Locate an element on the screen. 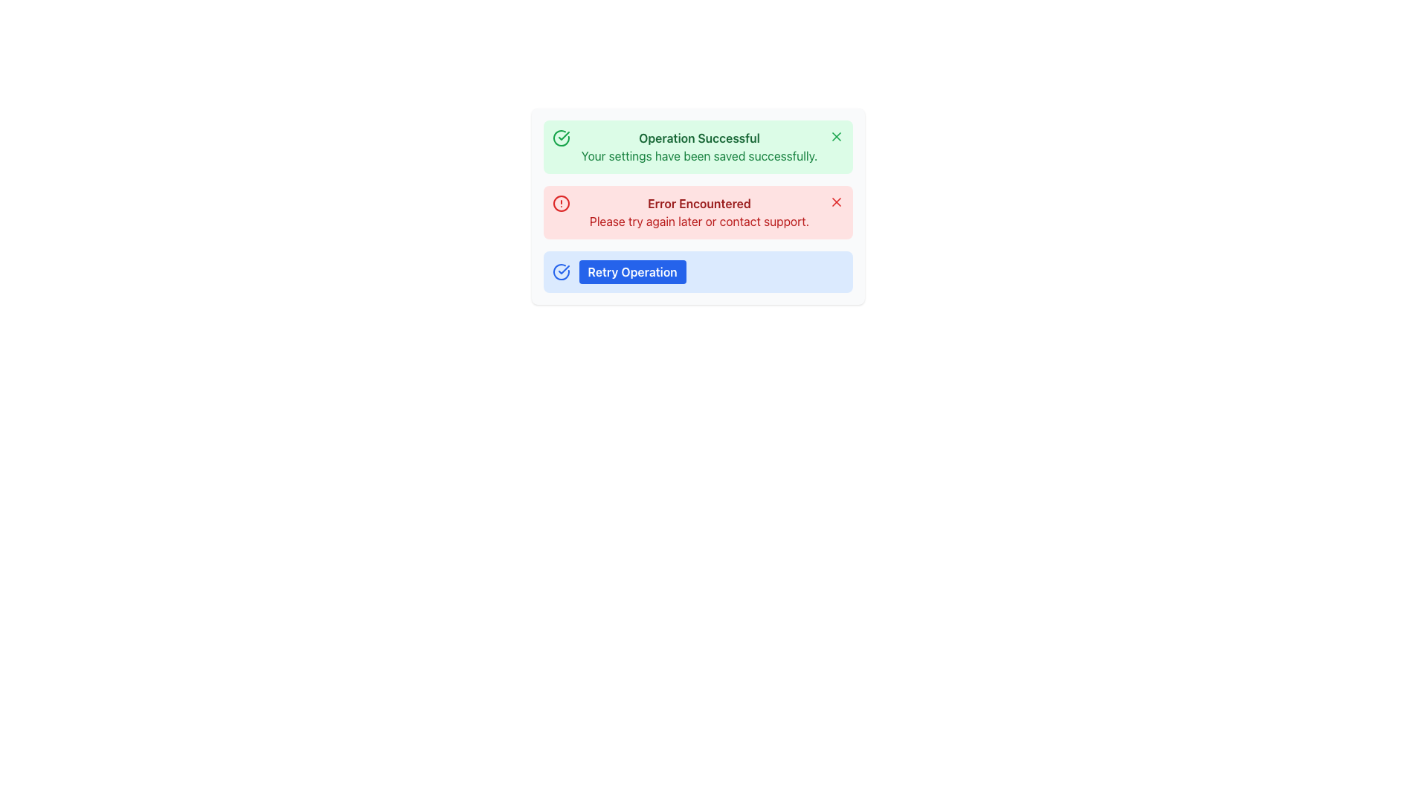  error message displayed in the alert box with a red background and dismissible 'X' icon, which states 'Error Encountered' and 'Please try again later or contact support.' is located at coordinates (697, 212).